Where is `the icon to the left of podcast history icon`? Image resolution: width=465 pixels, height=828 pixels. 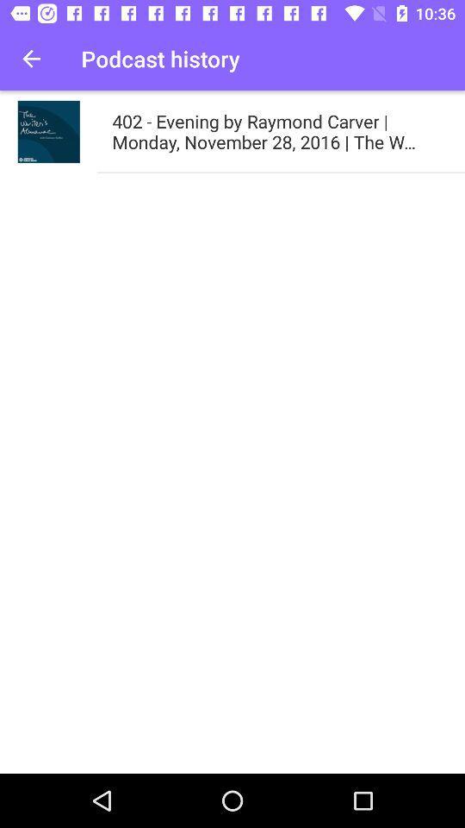
the icon to the left of podcast history icon is located at coordinates (31, 59).